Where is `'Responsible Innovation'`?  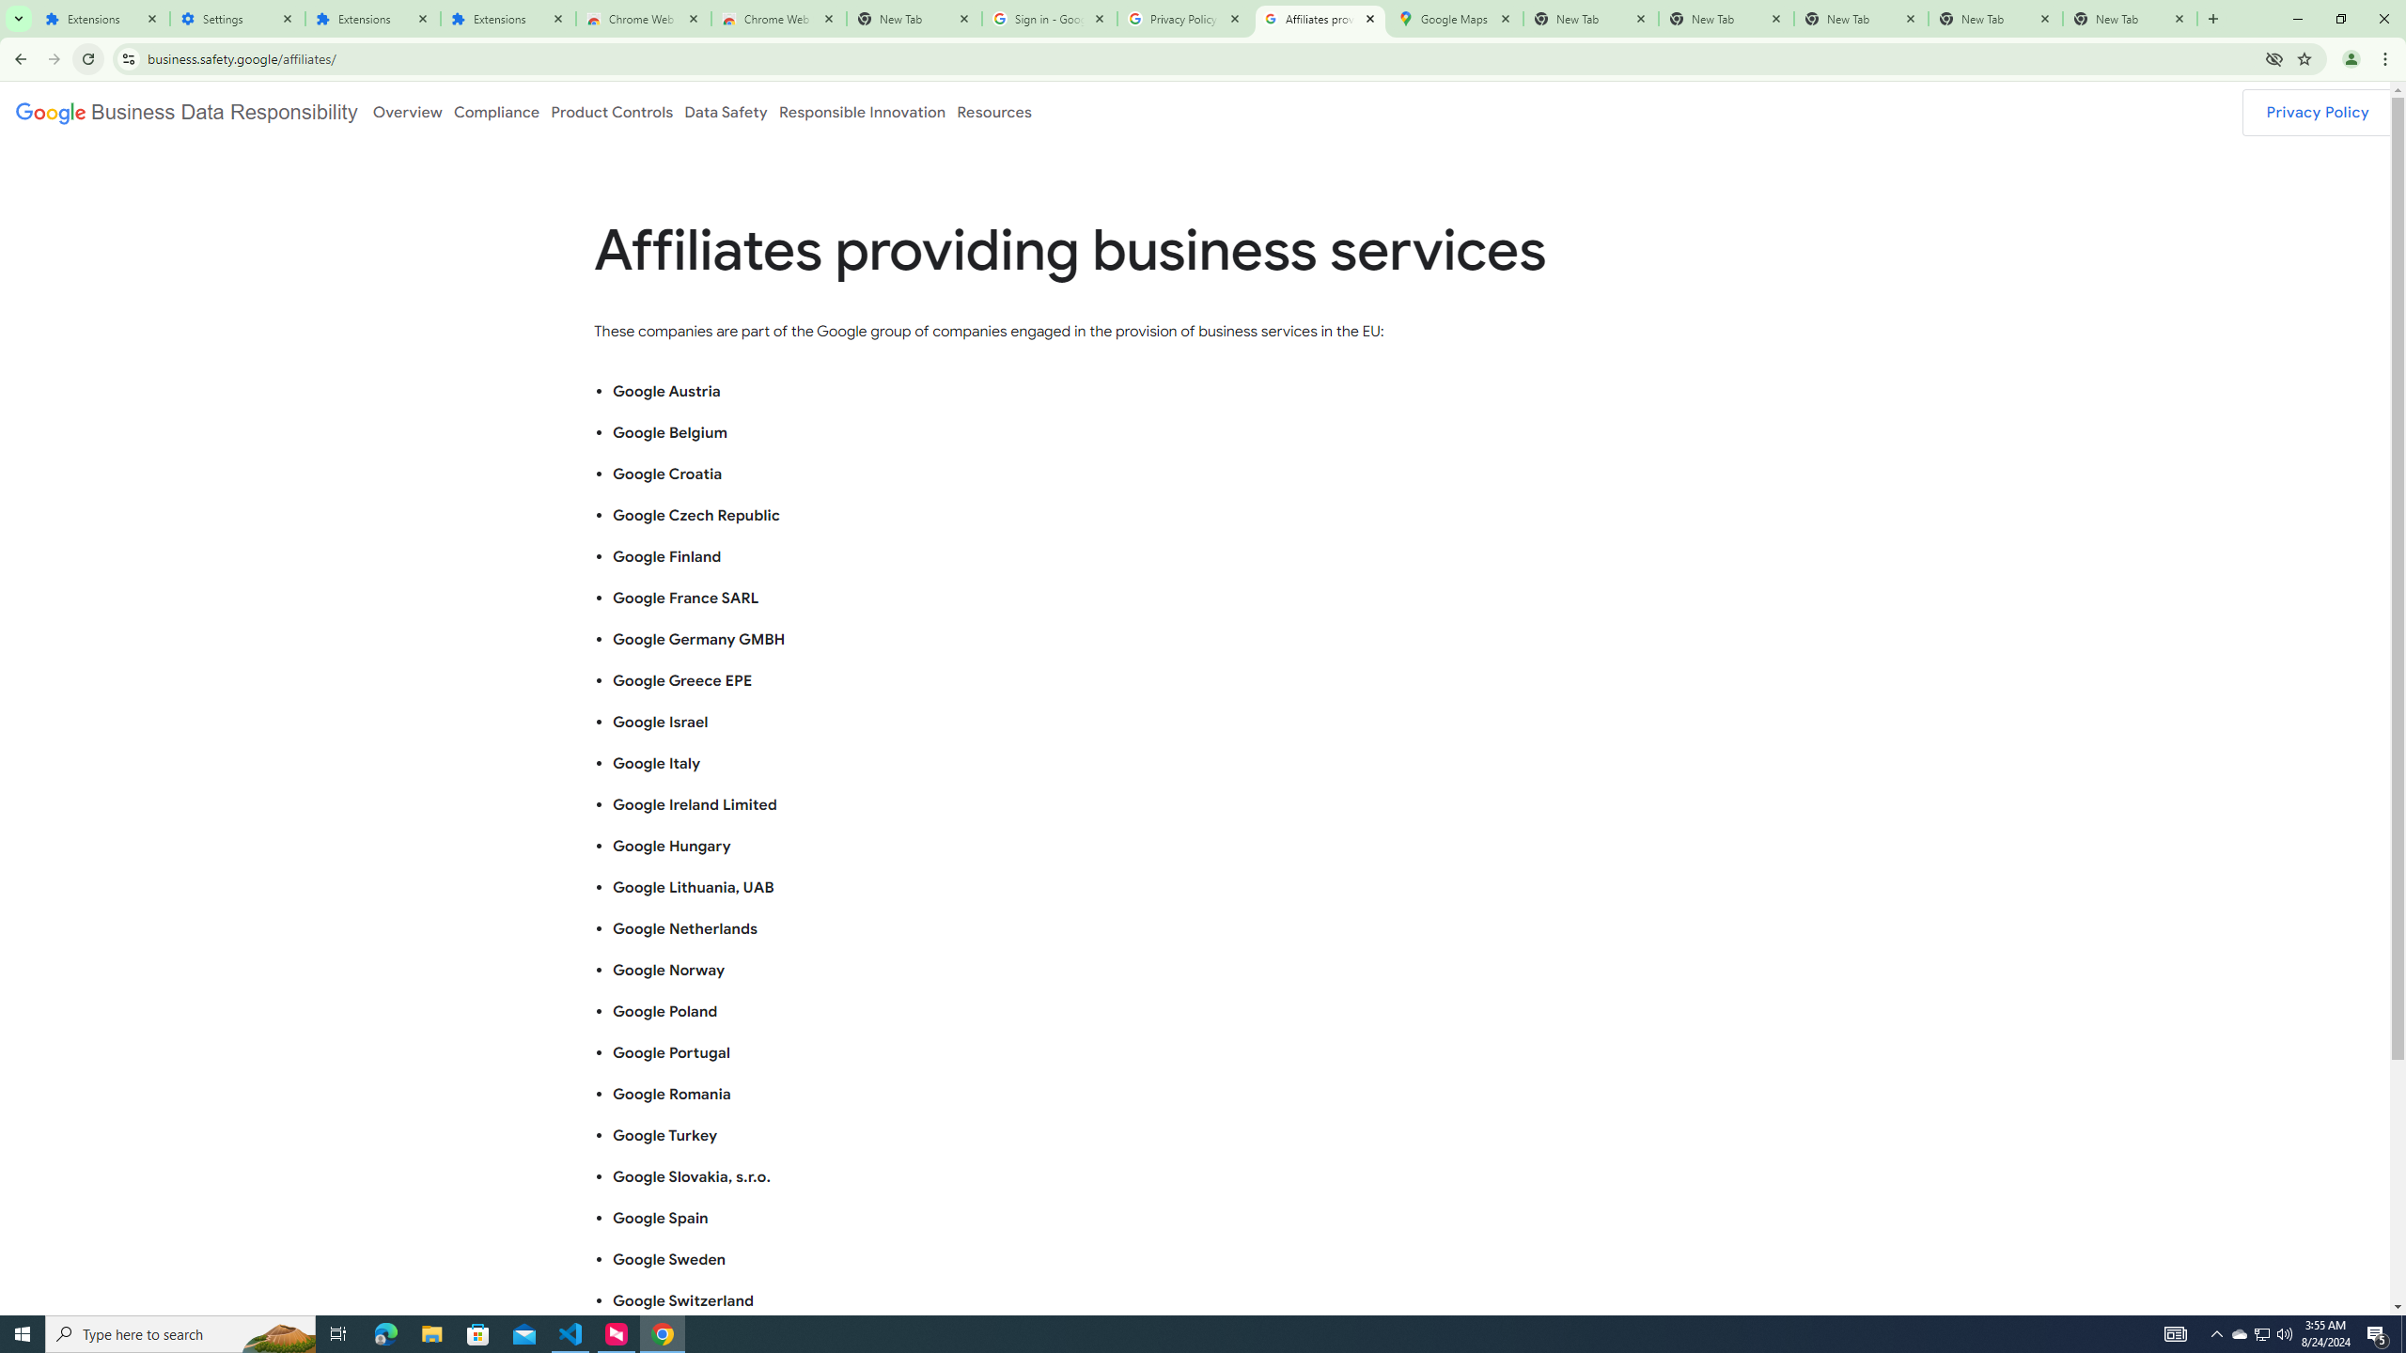 'Responsible Innovation' is located at coordinates (862, 111).